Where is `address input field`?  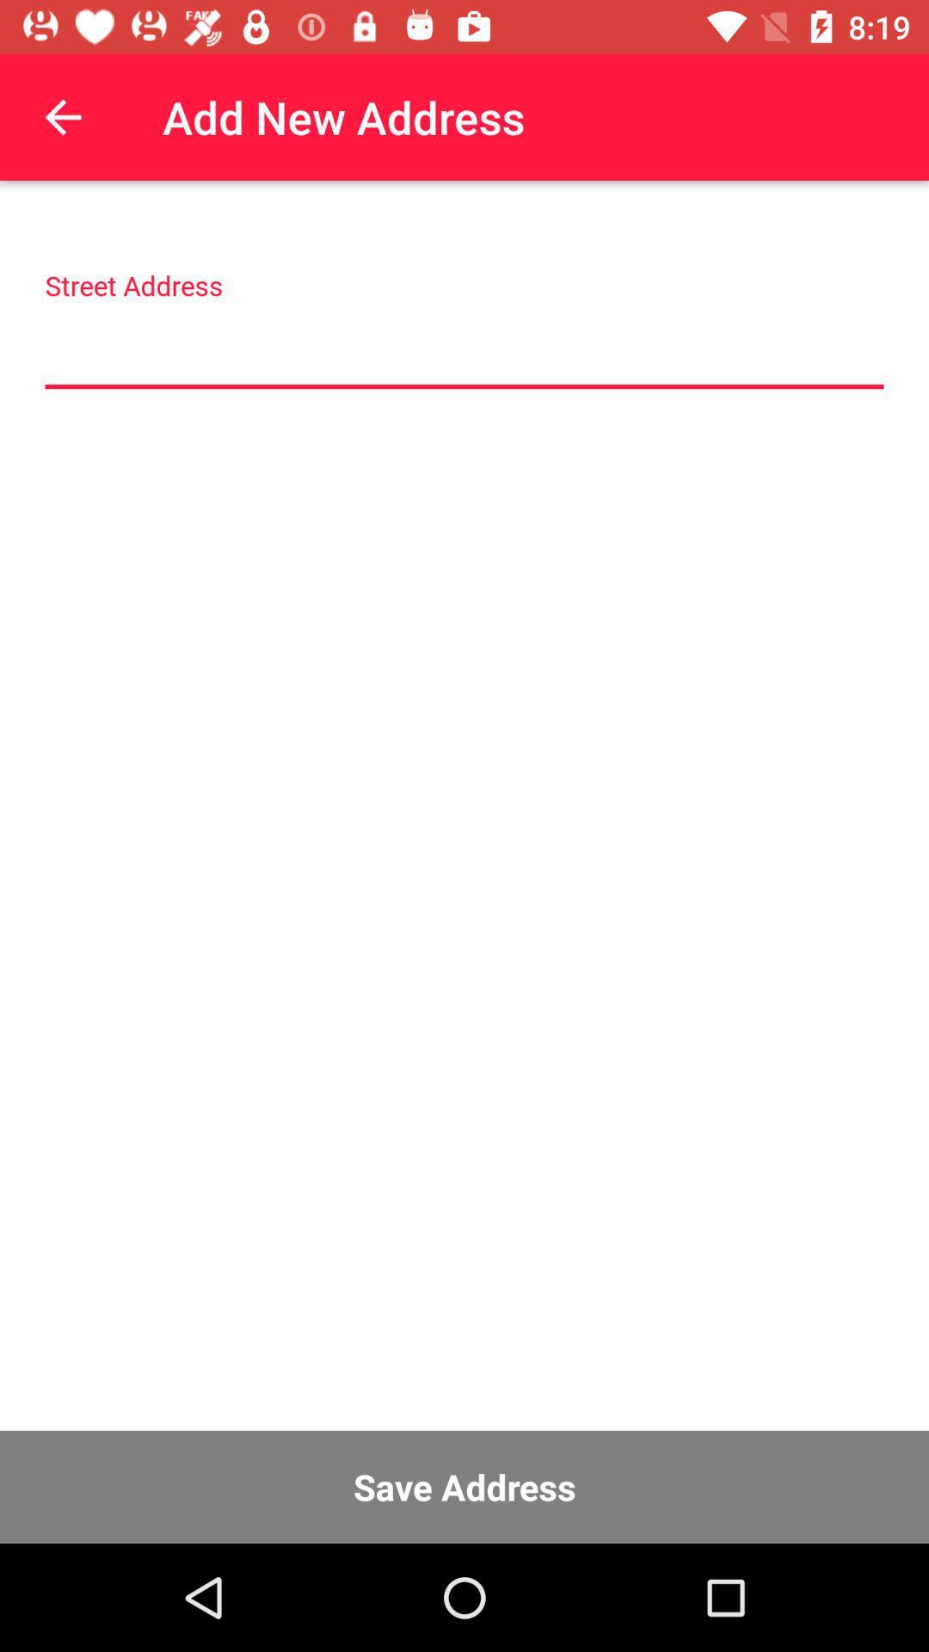 address input field is located at coordinates (464, 348).